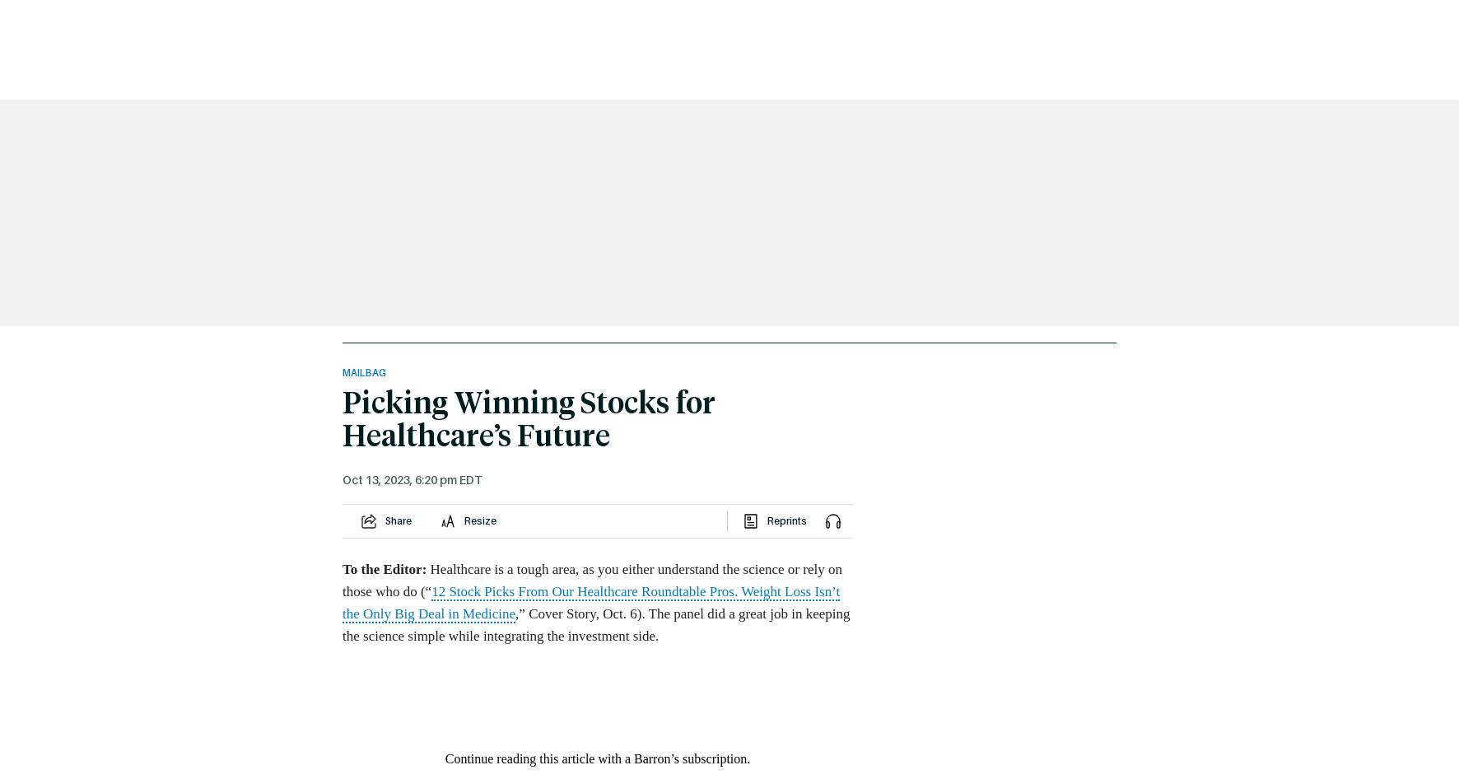 This screenshot has height=779, width=1459. I want to click on 'Share', so click(397, 520).